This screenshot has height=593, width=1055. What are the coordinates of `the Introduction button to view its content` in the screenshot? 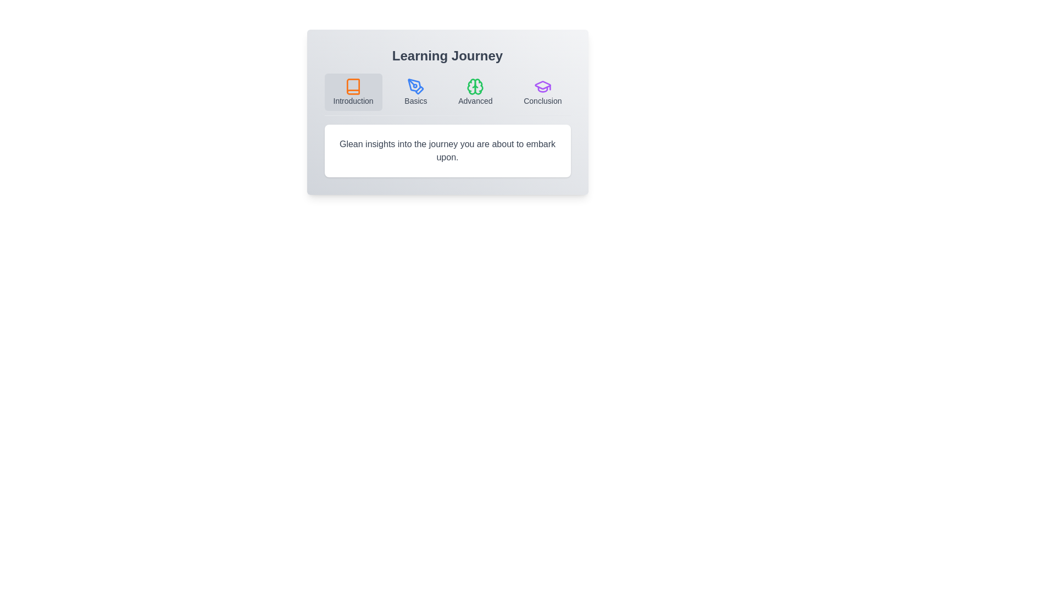 It's located at (353, 92).